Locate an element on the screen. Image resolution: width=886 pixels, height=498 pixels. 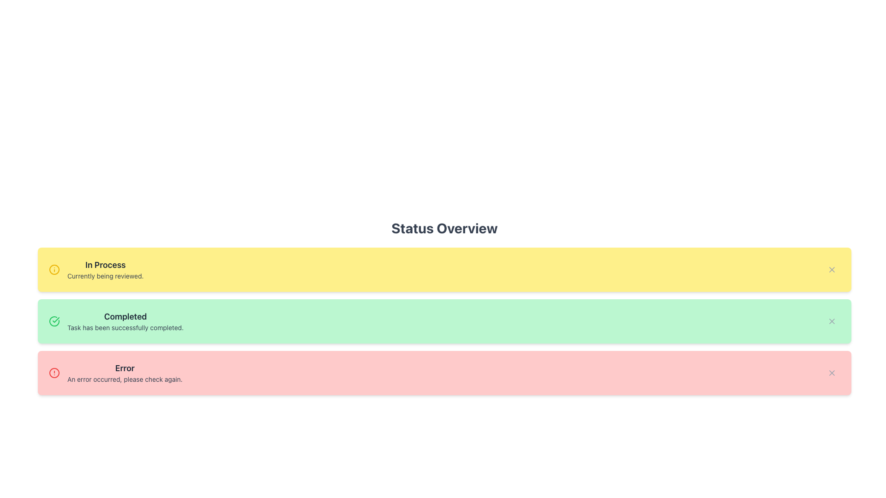
the green check mark icon inside the circular icon located in the green box labeled 'Completed' is located at coordinates (55, 320).